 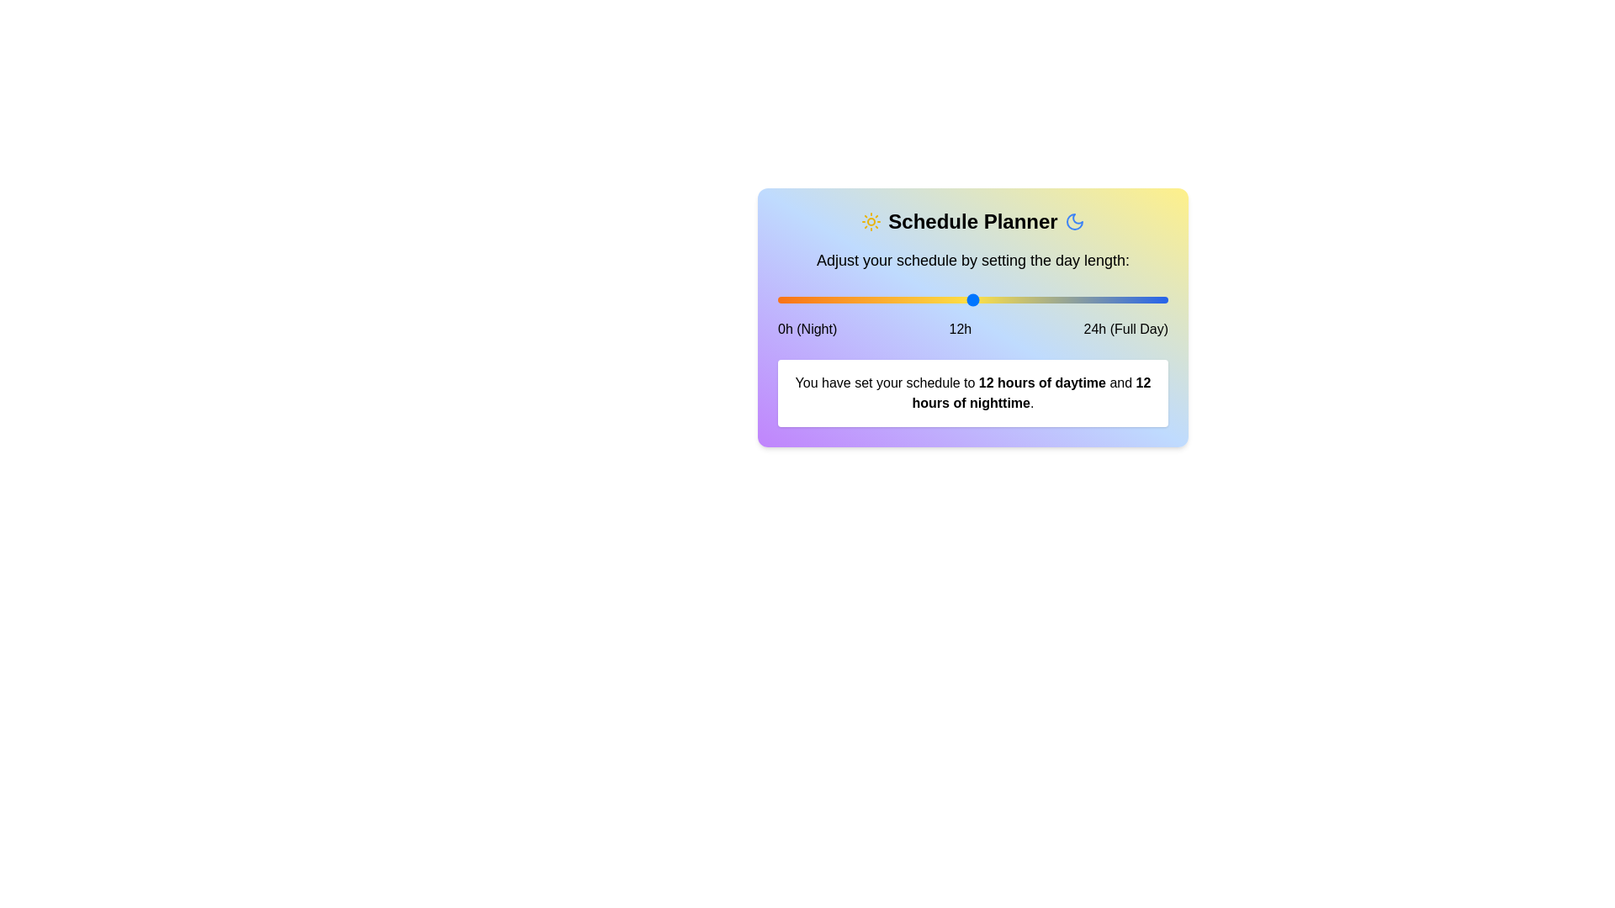 What do you see at coordinates (1073, 220) in the screenshot?
I see `the moon icon to explore its visual effect` at bounding box center [1073, 220].